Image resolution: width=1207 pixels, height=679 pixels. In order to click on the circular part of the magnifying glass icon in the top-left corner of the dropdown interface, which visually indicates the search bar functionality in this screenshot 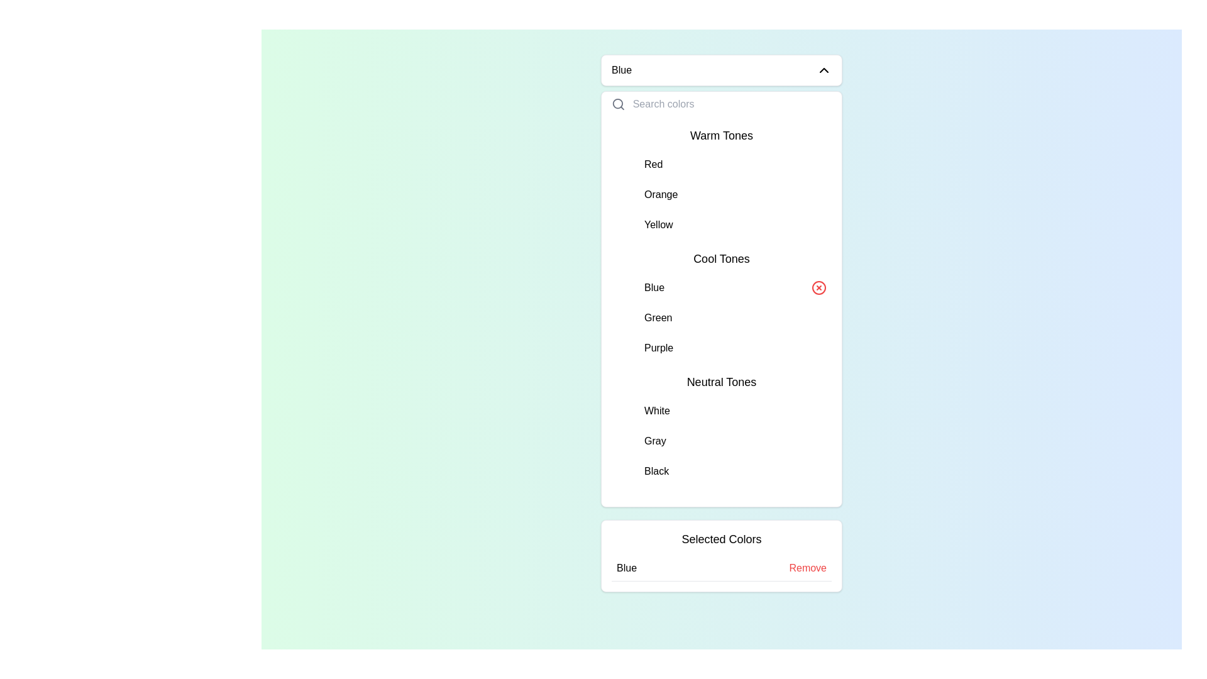, I will do `click(617, 103)`.